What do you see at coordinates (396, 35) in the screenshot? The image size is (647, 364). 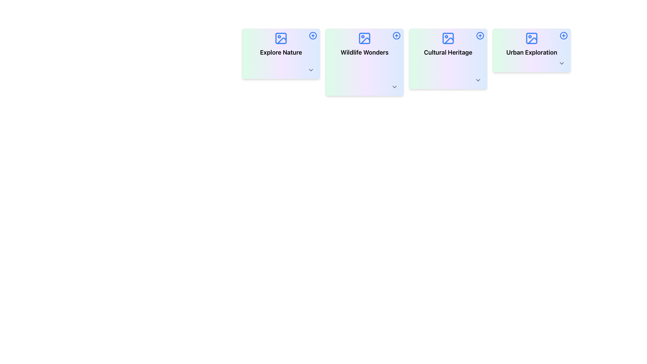 I see `the button located at the top-right part of the 'Wildlife Wonders' card, which is used for adding or creating a new item` at bounding box center [396, 35].